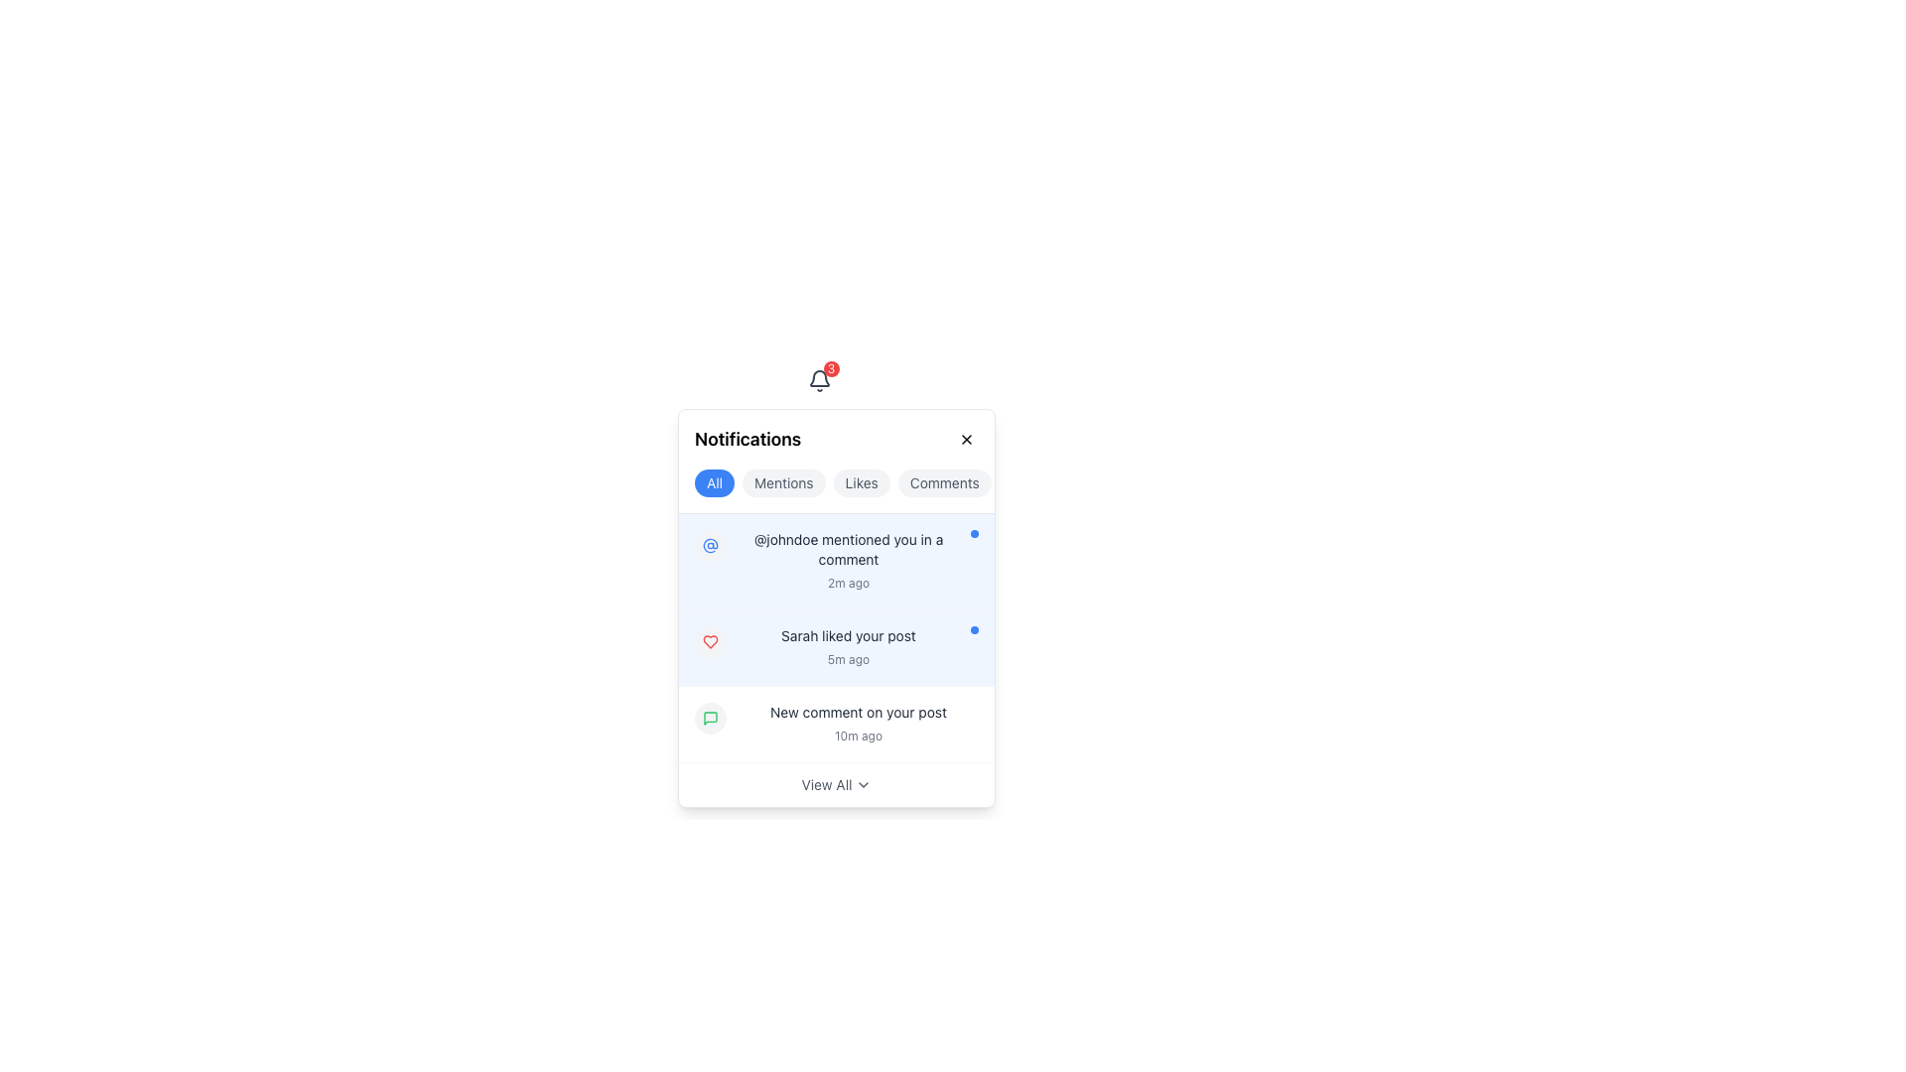 The image size is (1906, 1072). Describe the element at coordinates (826, 783) in the screenshot. I see `the first button or link for viewing additional notifications located at the bottom of the notification panel, positioned left of the chevron icon, using keyboard navigation` at that location.